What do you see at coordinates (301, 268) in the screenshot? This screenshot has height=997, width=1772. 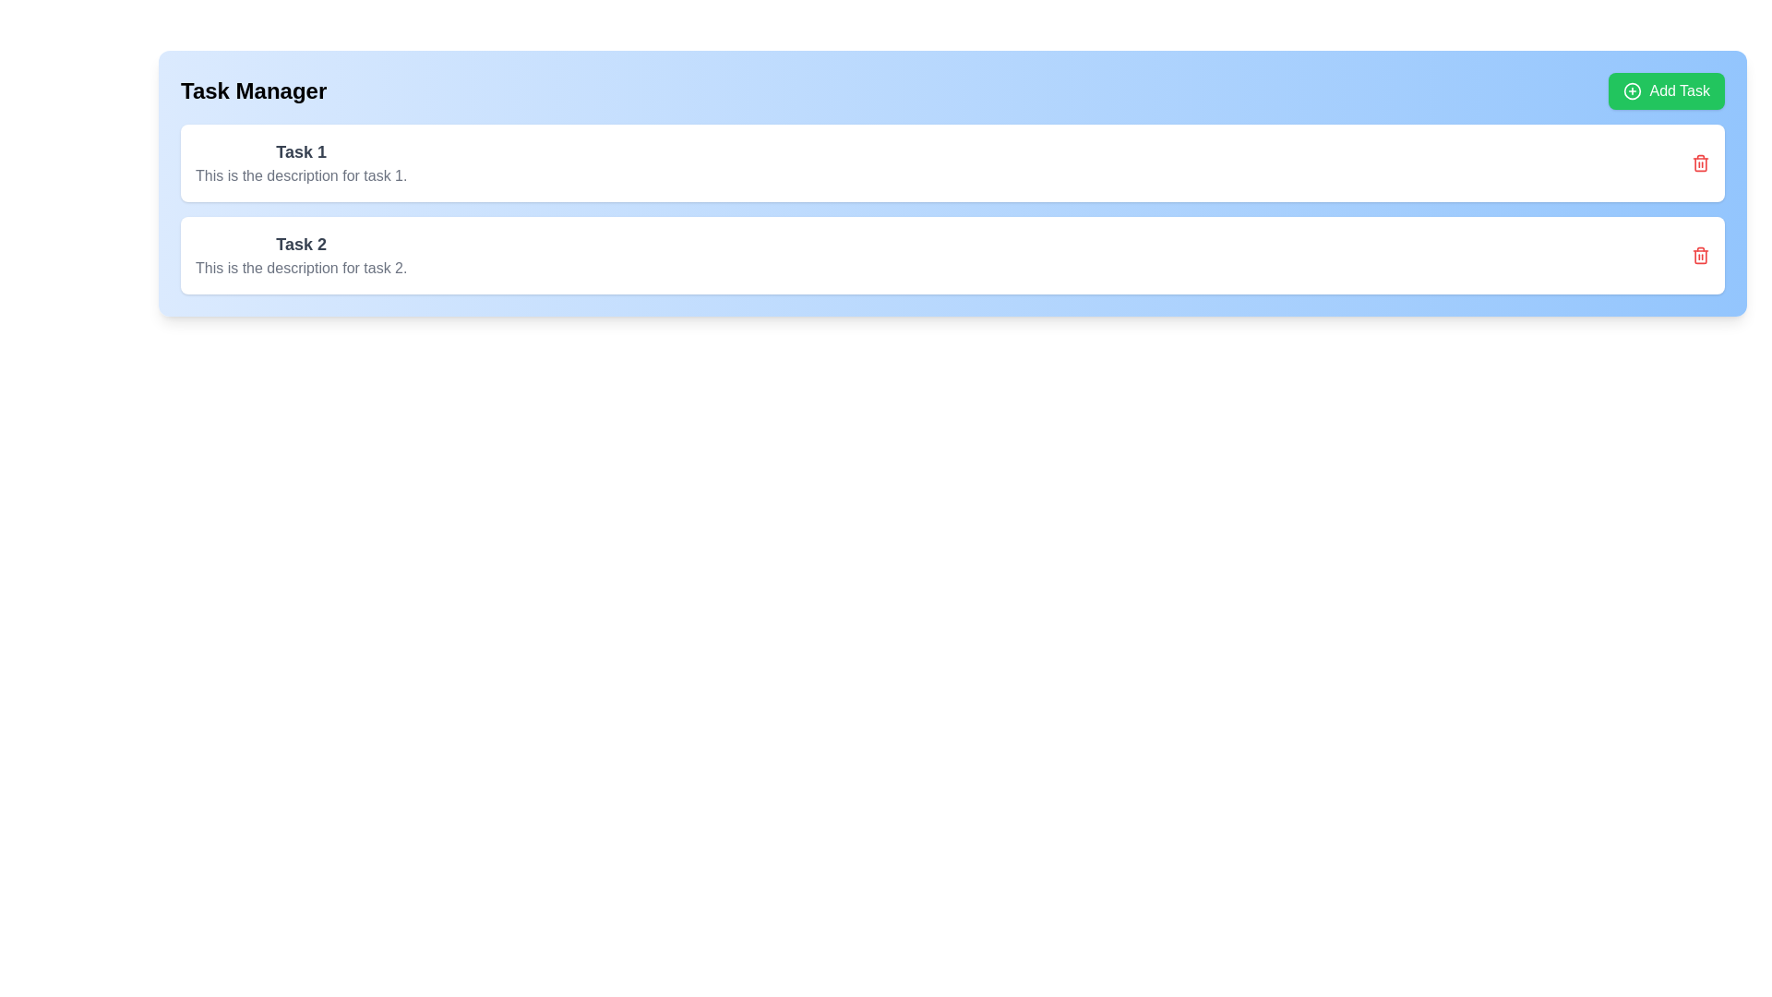 I see `the text label providing additional information about 'Task 2', located in the second task card, directly below the bold text 'Task 2'` at bounding box center [301, 268].